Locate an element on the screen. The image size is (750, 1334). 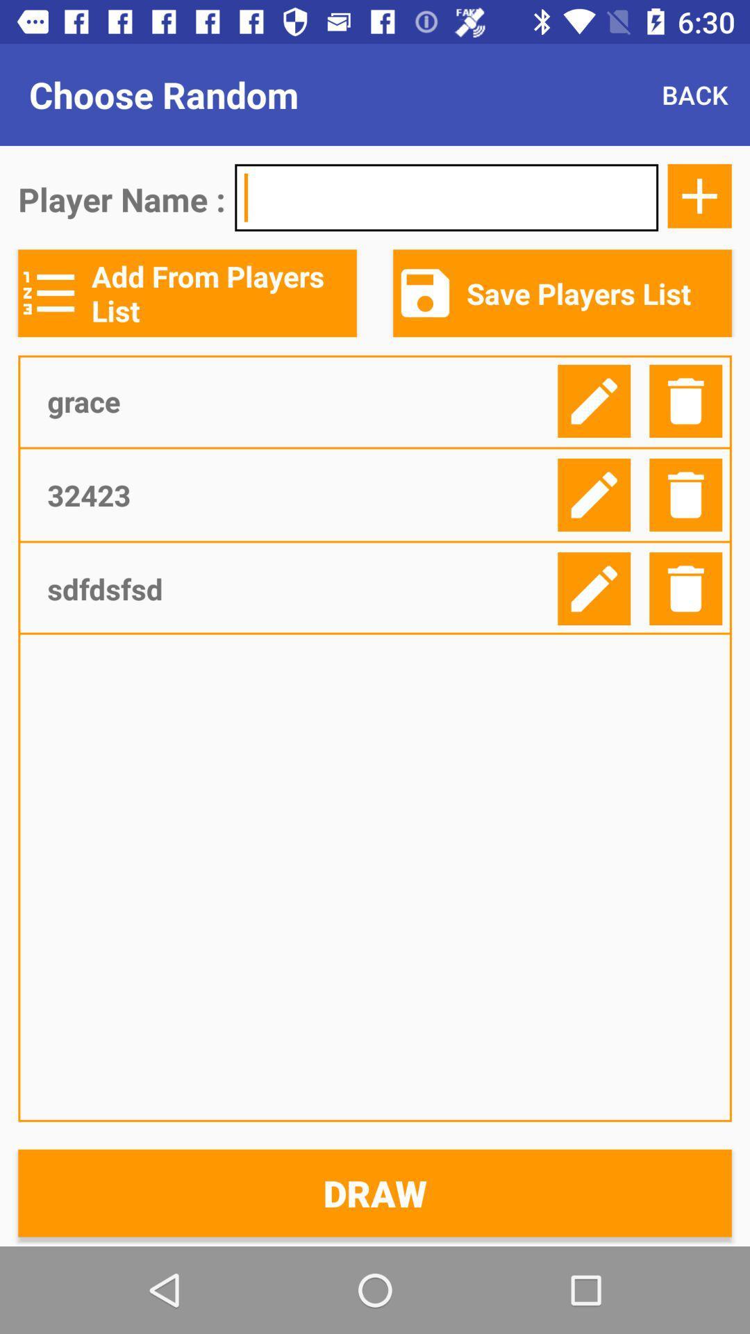
input player name is located at coordinates (447, 197).